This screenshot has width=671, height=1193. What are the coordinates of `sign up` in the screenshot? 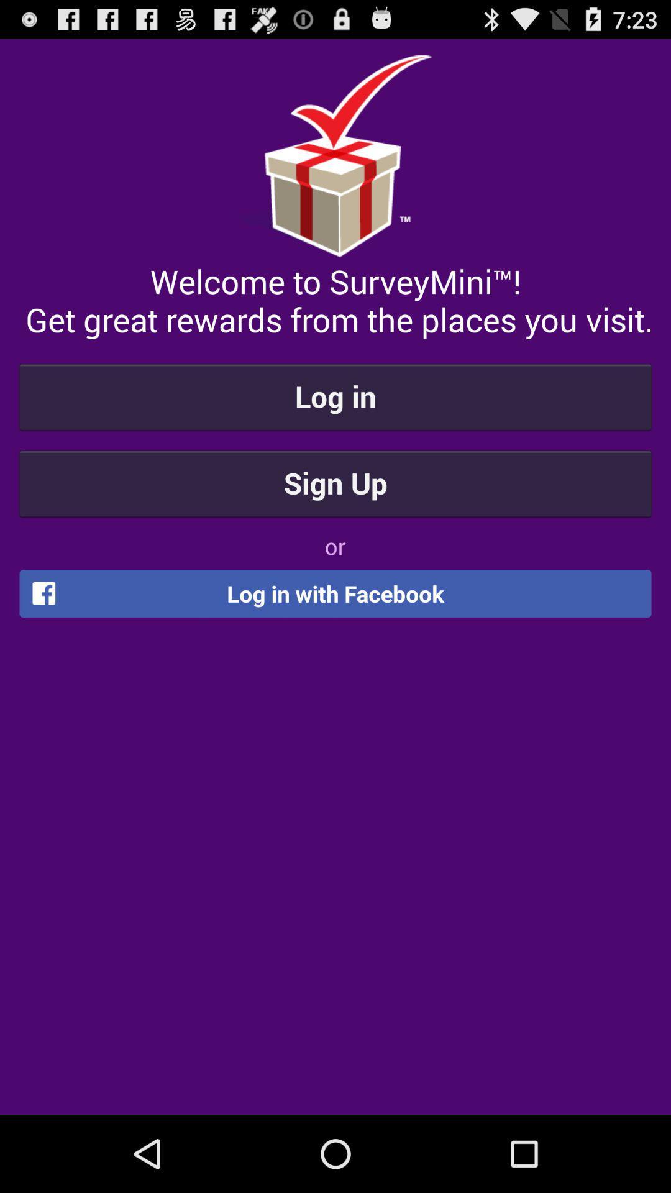 It's located at (335, 482).